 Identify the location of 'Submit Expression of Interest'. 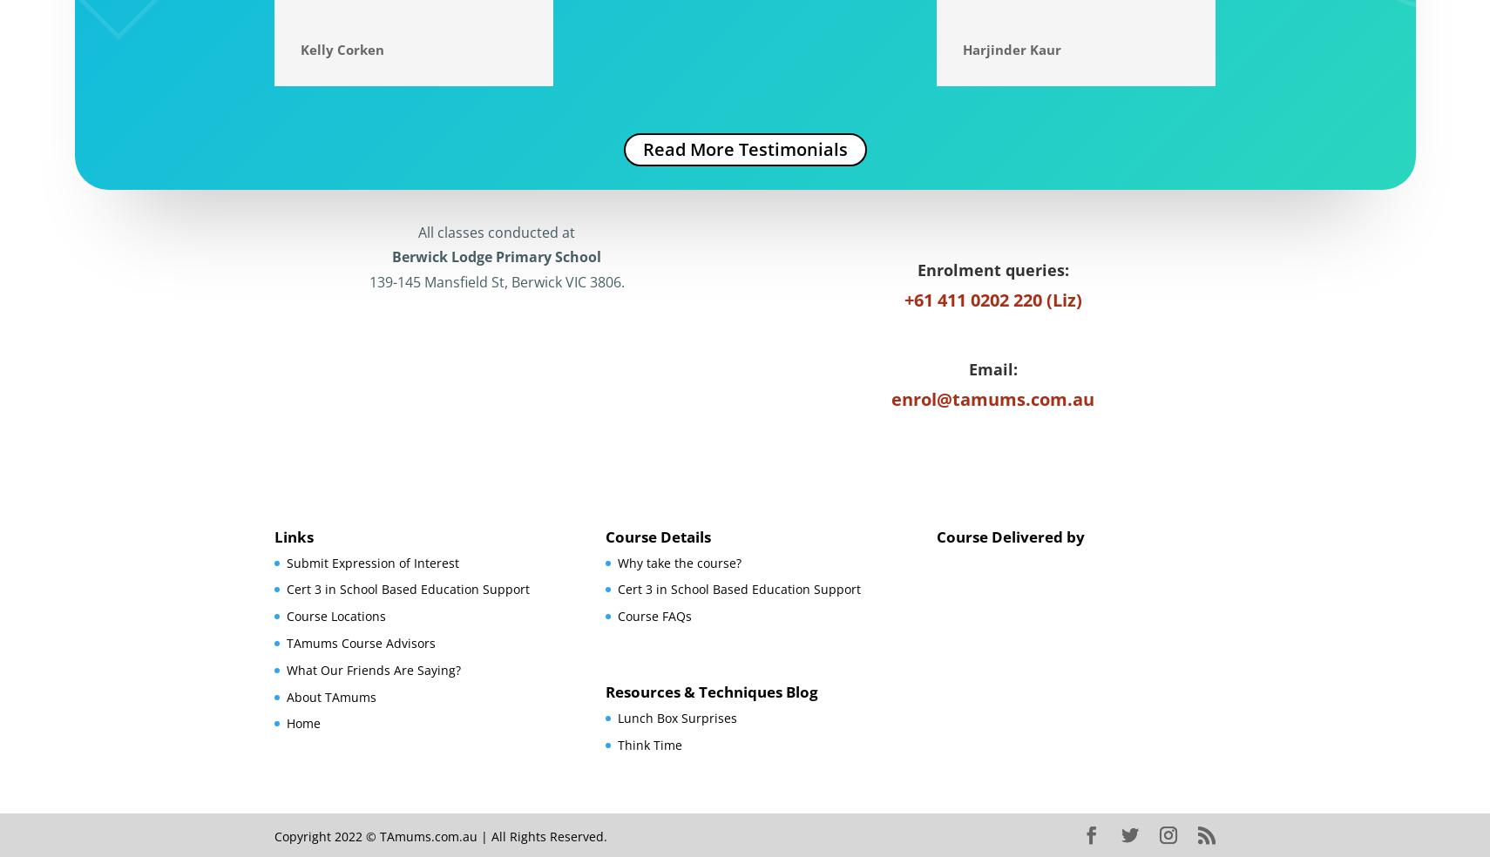
(372, 562).